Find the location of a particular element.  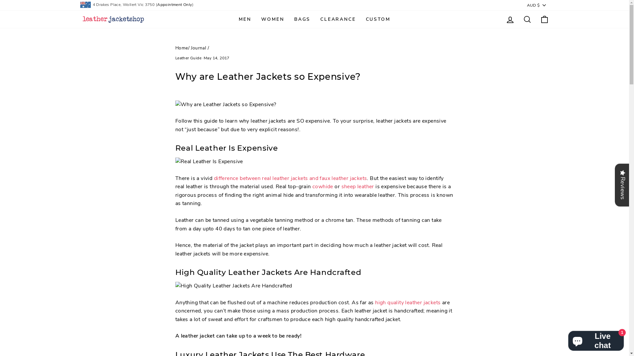

'Skip to content' is located at coordinates (0, 0).